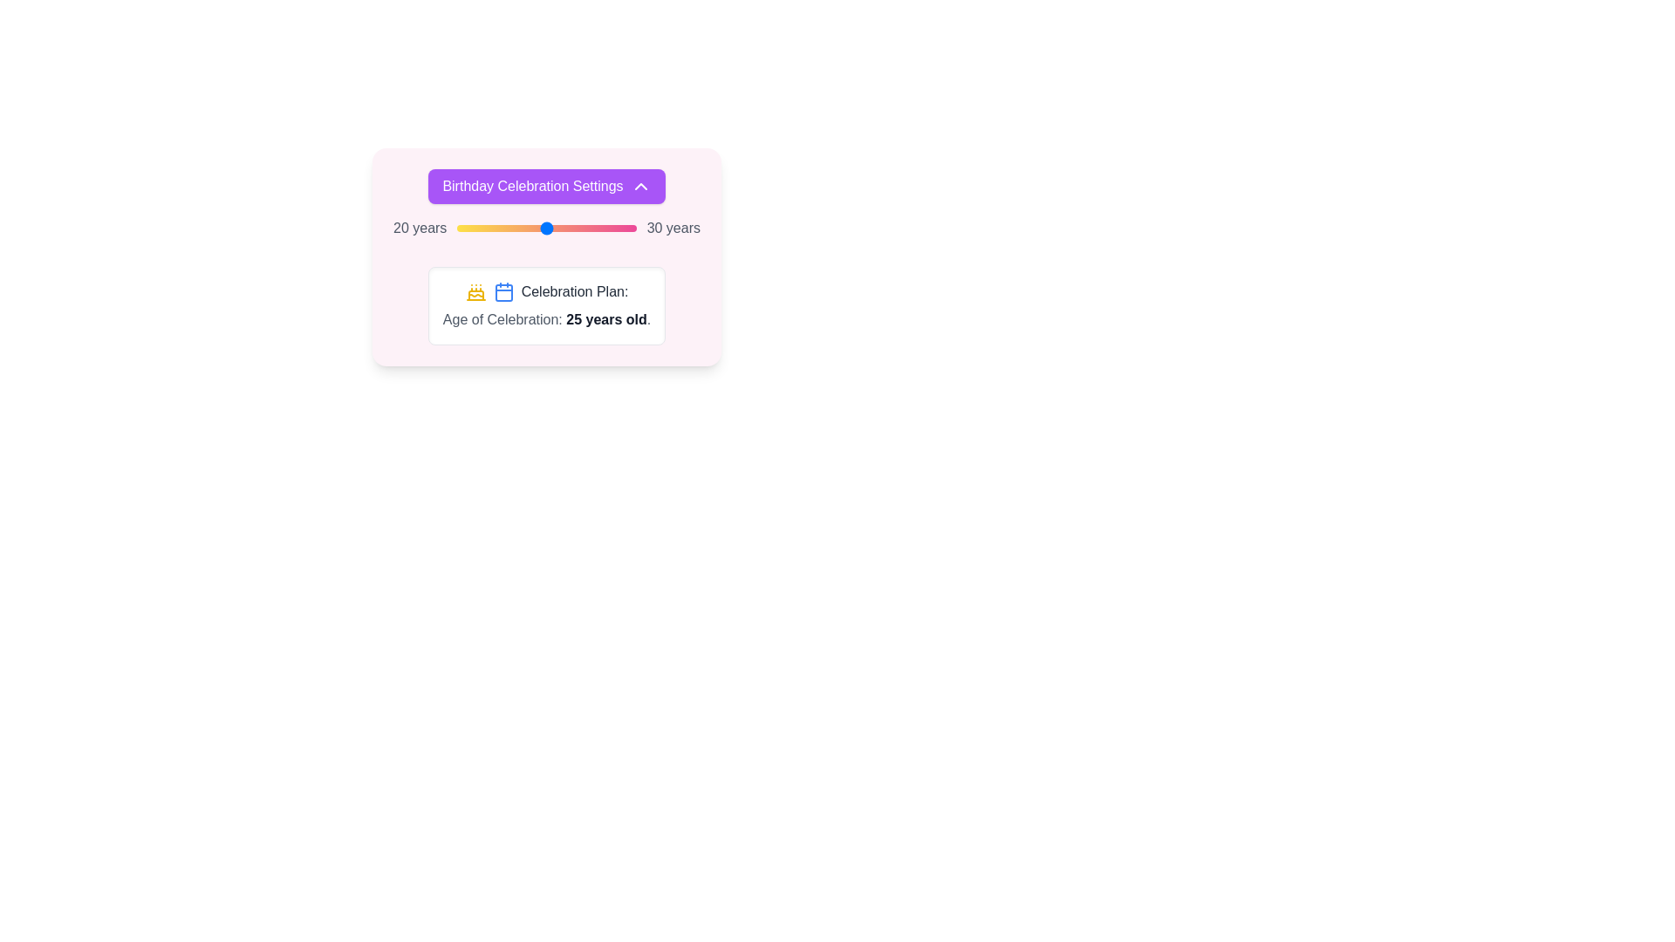  Describe the element at coordinates (546, 186) in the screenshot. I see `the 'Birthday Celebration Settings' button to toggle the visibility of the celebration settings` at that location.